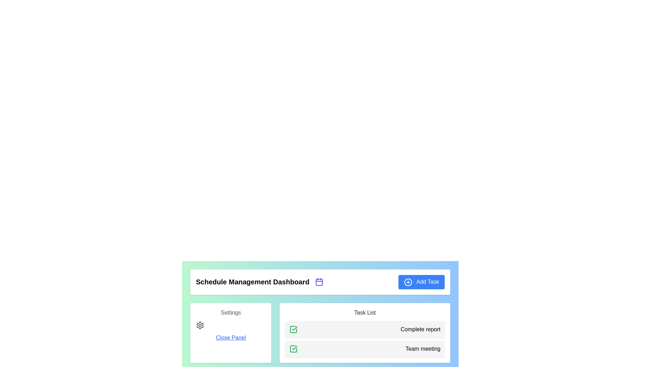 This screenshot has height=375, width=667. Describe the element at coordinates (364, 349) in the screenshot. I see `the task entry in the task management interface labeled 'Team meeting', which is indicated by a green check mark and positioned as the second item in the 'Task List'` at that location.